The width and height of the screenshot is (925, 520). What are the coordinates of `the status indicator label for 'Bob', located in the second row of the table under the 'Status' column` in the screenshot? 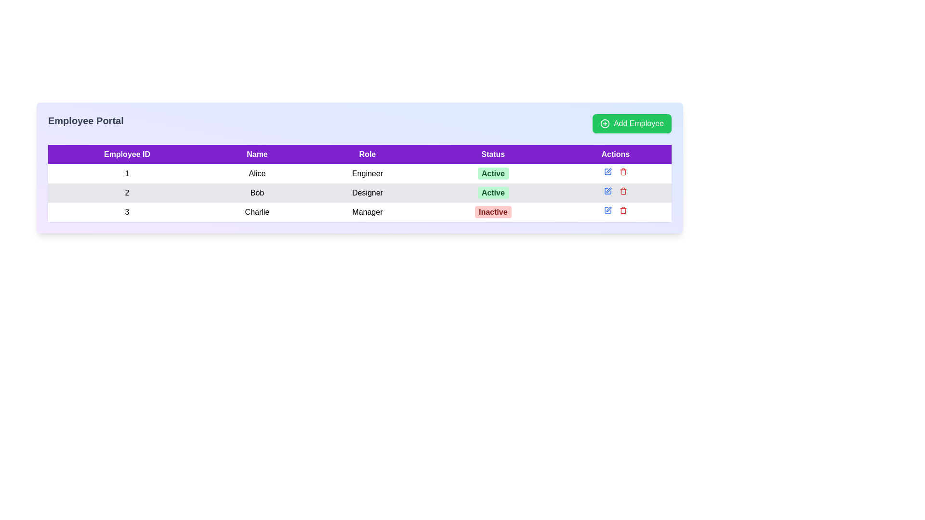 It's located at (493, 173).